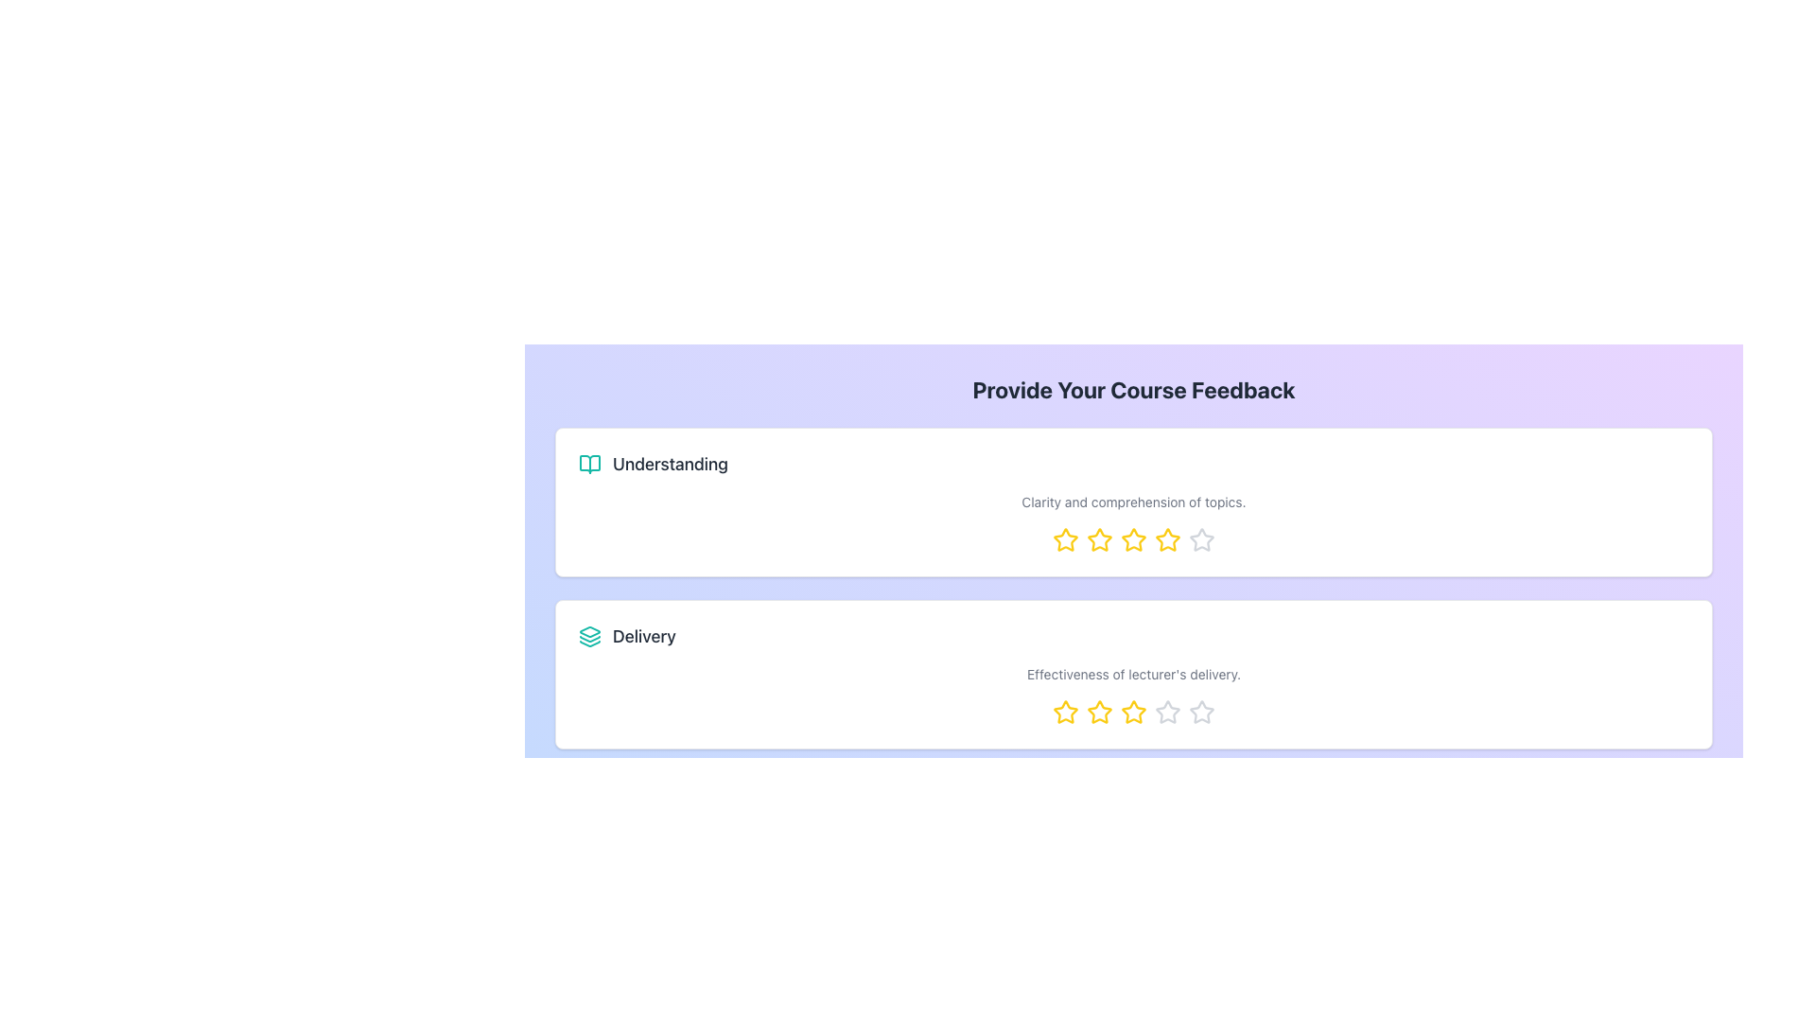 Image resolution: width=1816 pixels, height=1022 pixels. What do you see at coordinates (1201, 712) in the screenshot?
I see `the fifth star-shaped button in the 'Delivery' feedback section to rate it` at bounding box center [1201, 712].